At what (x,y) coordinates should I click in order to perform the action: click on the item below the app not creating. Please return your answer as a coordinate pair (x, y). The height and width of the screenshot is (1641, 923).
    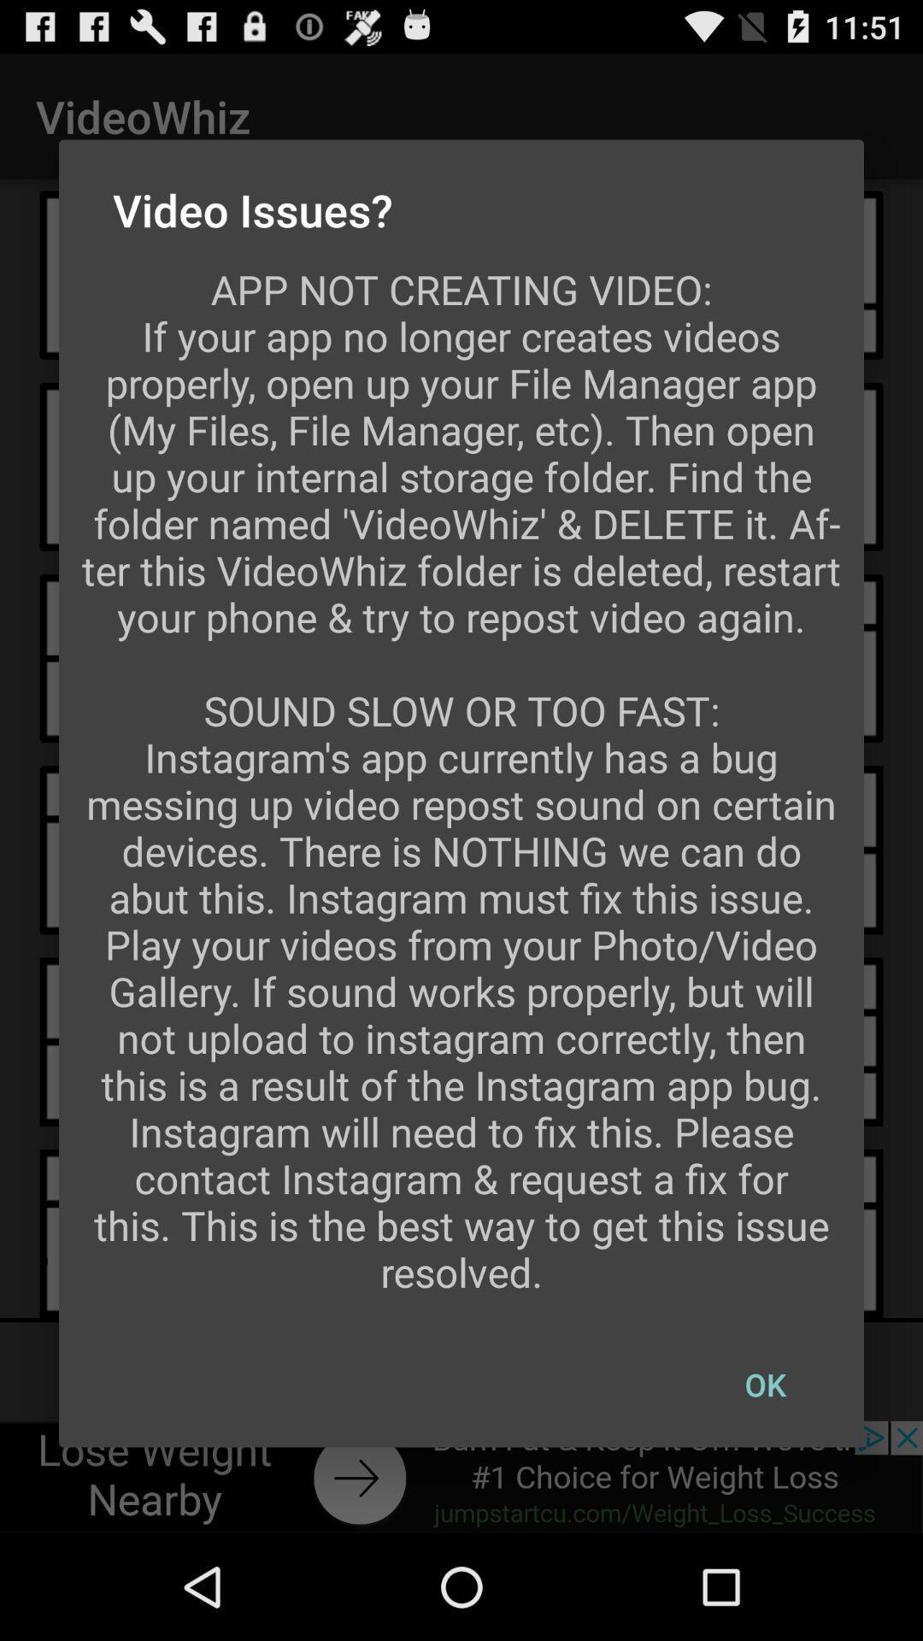
    Looking at the image, I should click on (764, 1385).